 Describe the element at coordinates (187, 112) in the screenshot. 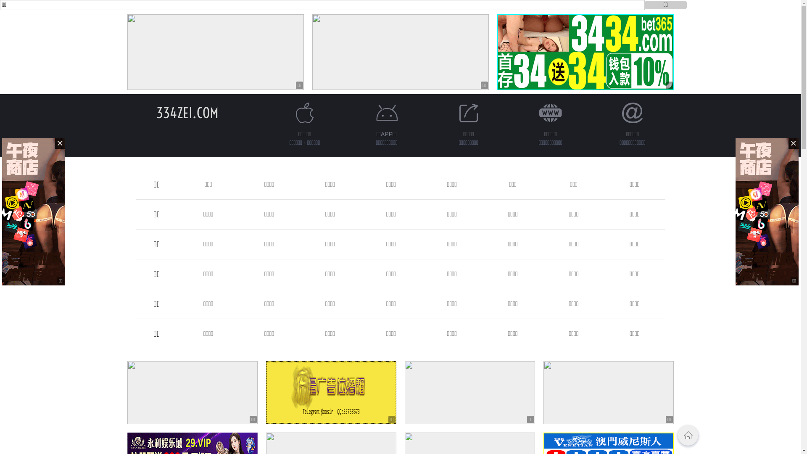

I see `'334ZEI.COM'` at that location.